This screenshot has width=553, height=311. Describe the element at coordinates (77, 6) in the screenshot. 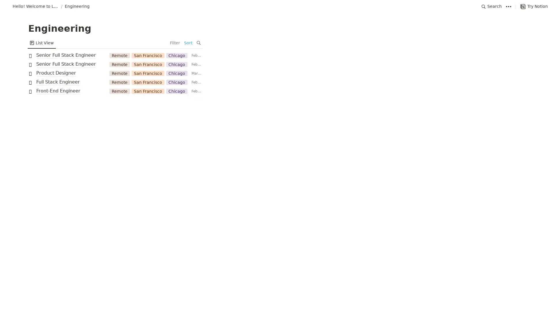

I see `Engineering` at that location.